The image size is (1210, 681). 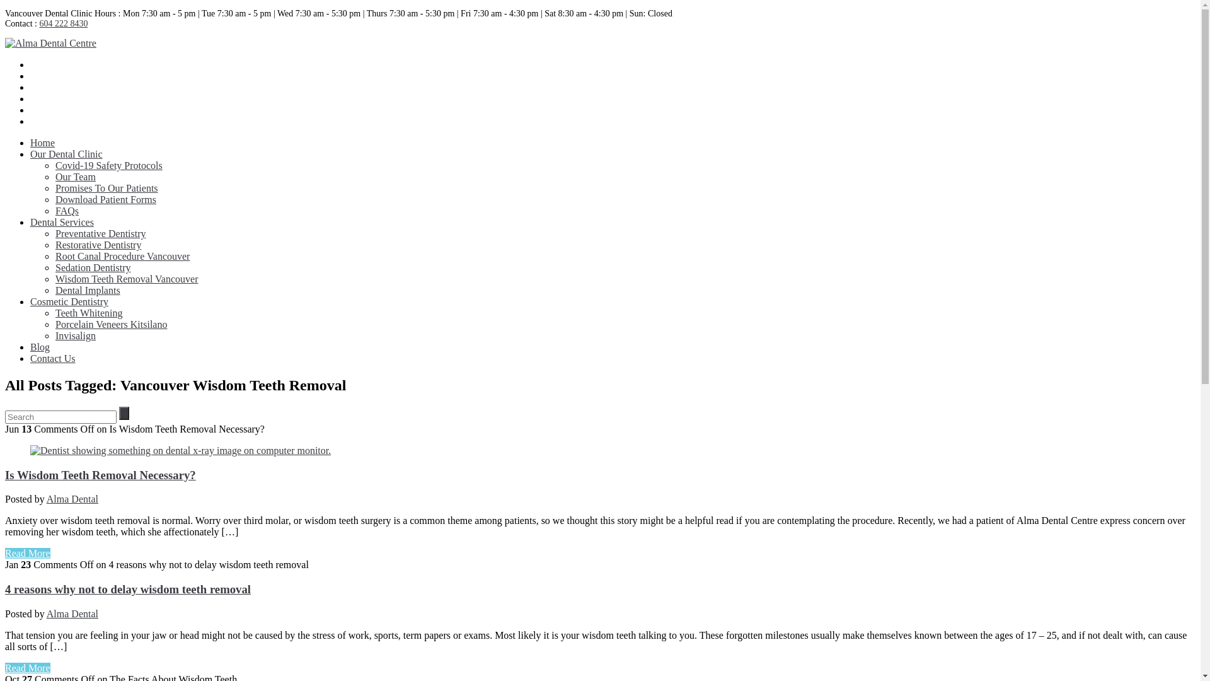 I want to click on 'Restorative Dentistry', so click(x=98, y=245).